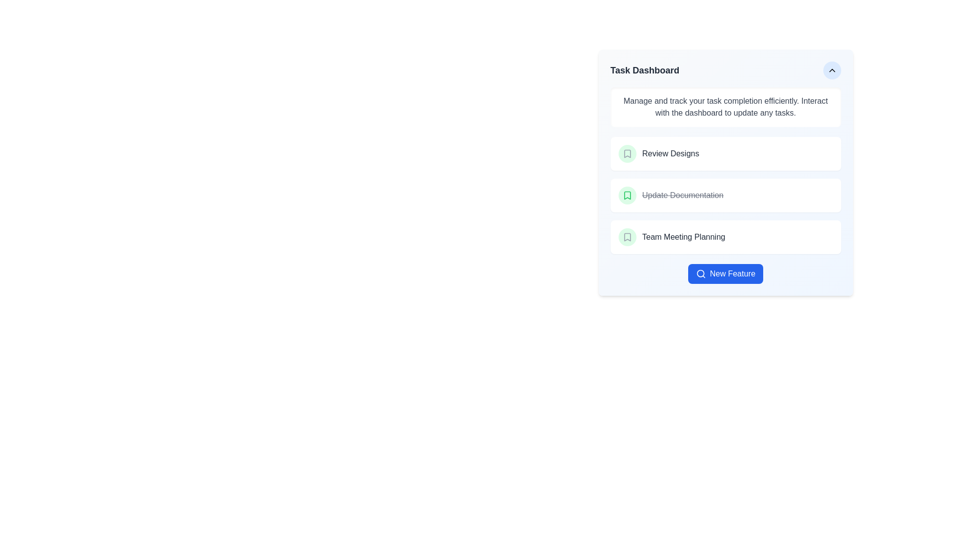 The height and width of the screenshot is (536, 954). I want to click on the button with a blue background and white text reading 'New Feature,' located at the bottom center of the card titled 'Task Dashboard', so click(725, 273).